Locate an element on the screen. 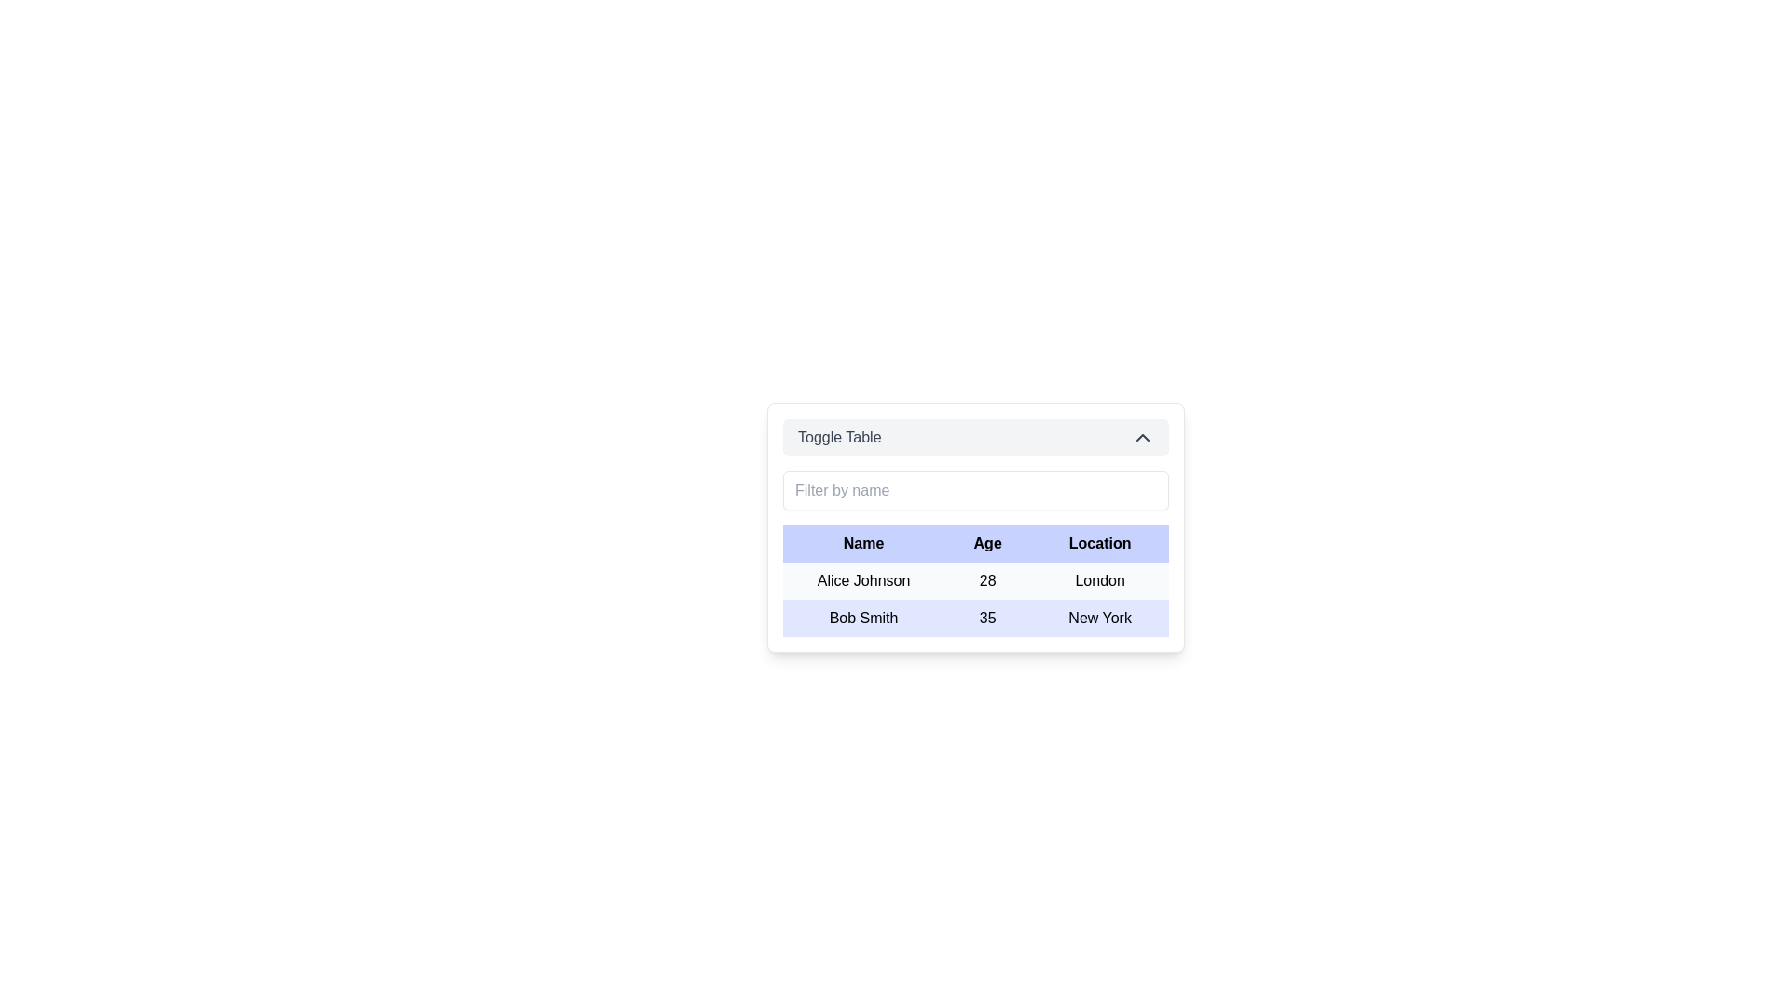 The width and height of the screenshot is (1790, 1006). the individual cells of the data table located below the filter input field, which displays 'Name', 'Age', and 'Location' columns is located at coordinates (974, 580).